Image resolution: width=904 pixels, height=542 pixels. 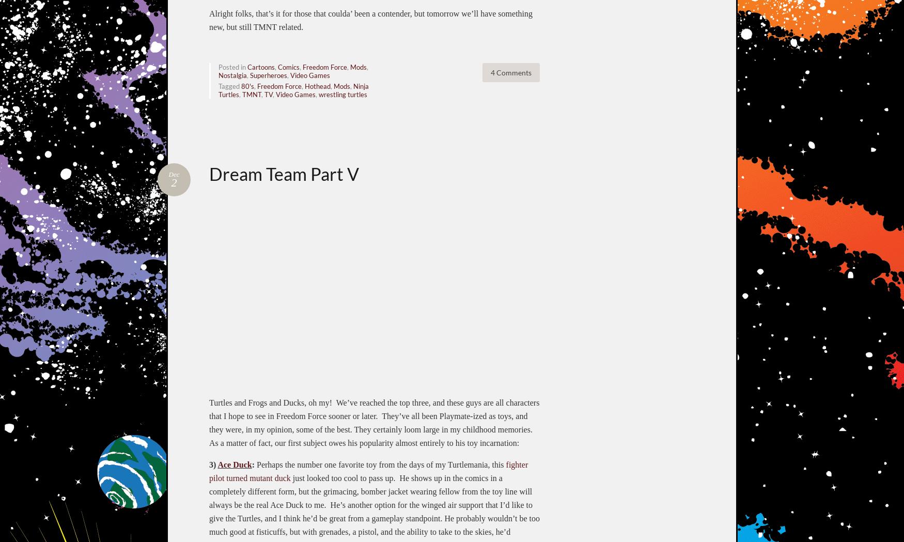 I want to click on '80's', so click(x=247, y=85).